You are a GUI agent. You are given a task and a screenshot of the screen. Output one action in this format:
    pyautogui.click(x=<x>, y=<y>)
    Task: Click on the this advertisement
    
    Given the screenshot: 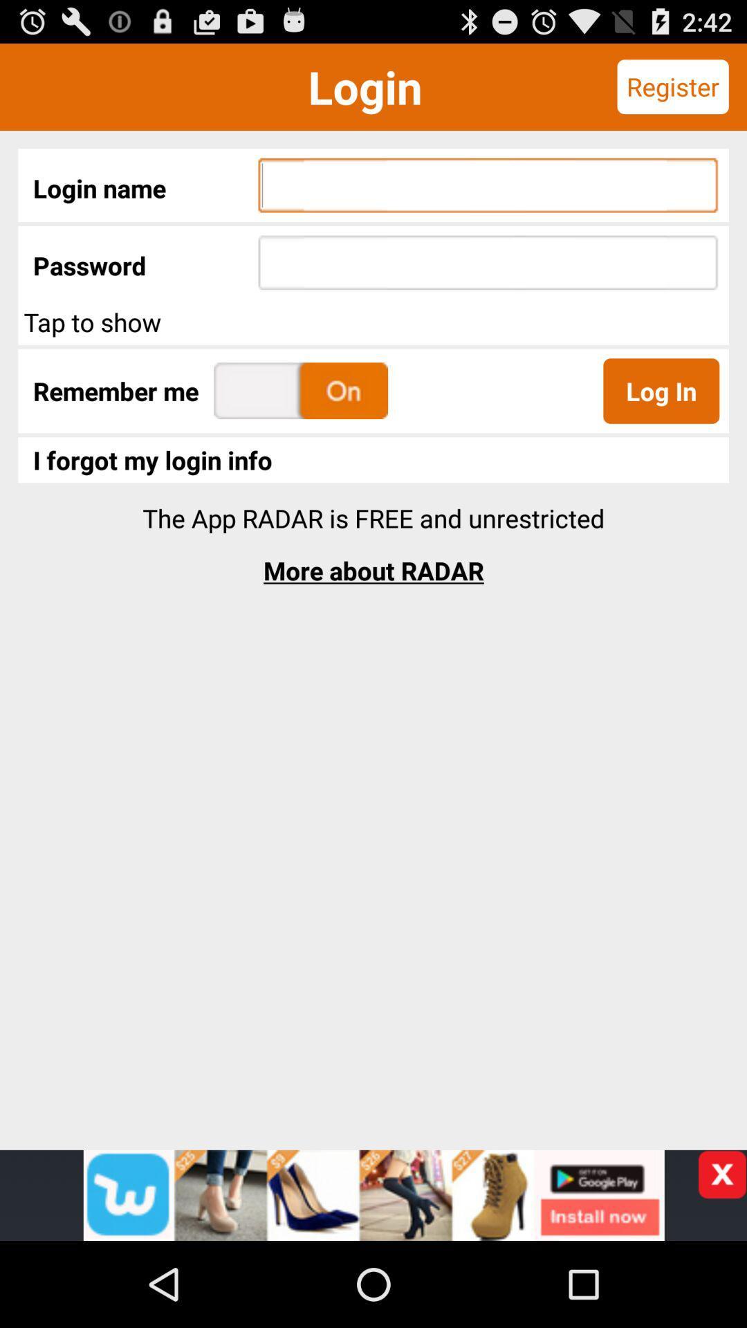 What is the action you would take?
    pyautogui.click(x=721, y=1174)
    